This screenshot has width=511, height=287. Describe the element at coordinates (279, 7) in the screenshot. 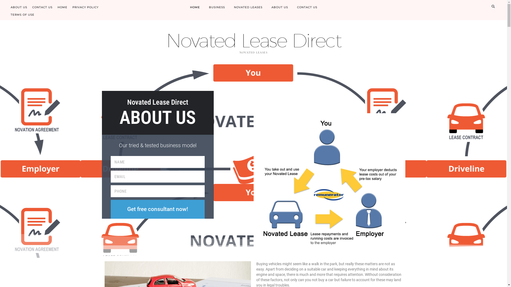

I see `'ABOUT US'` at that location.